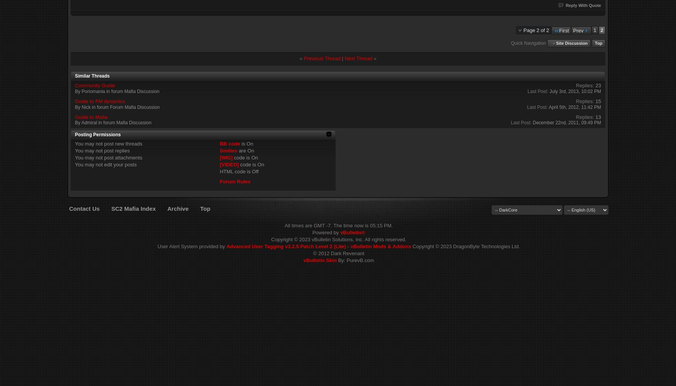 This screenshot has height=386, width=676. I want to click on 'User Alert System provided by', so click(157, 246).